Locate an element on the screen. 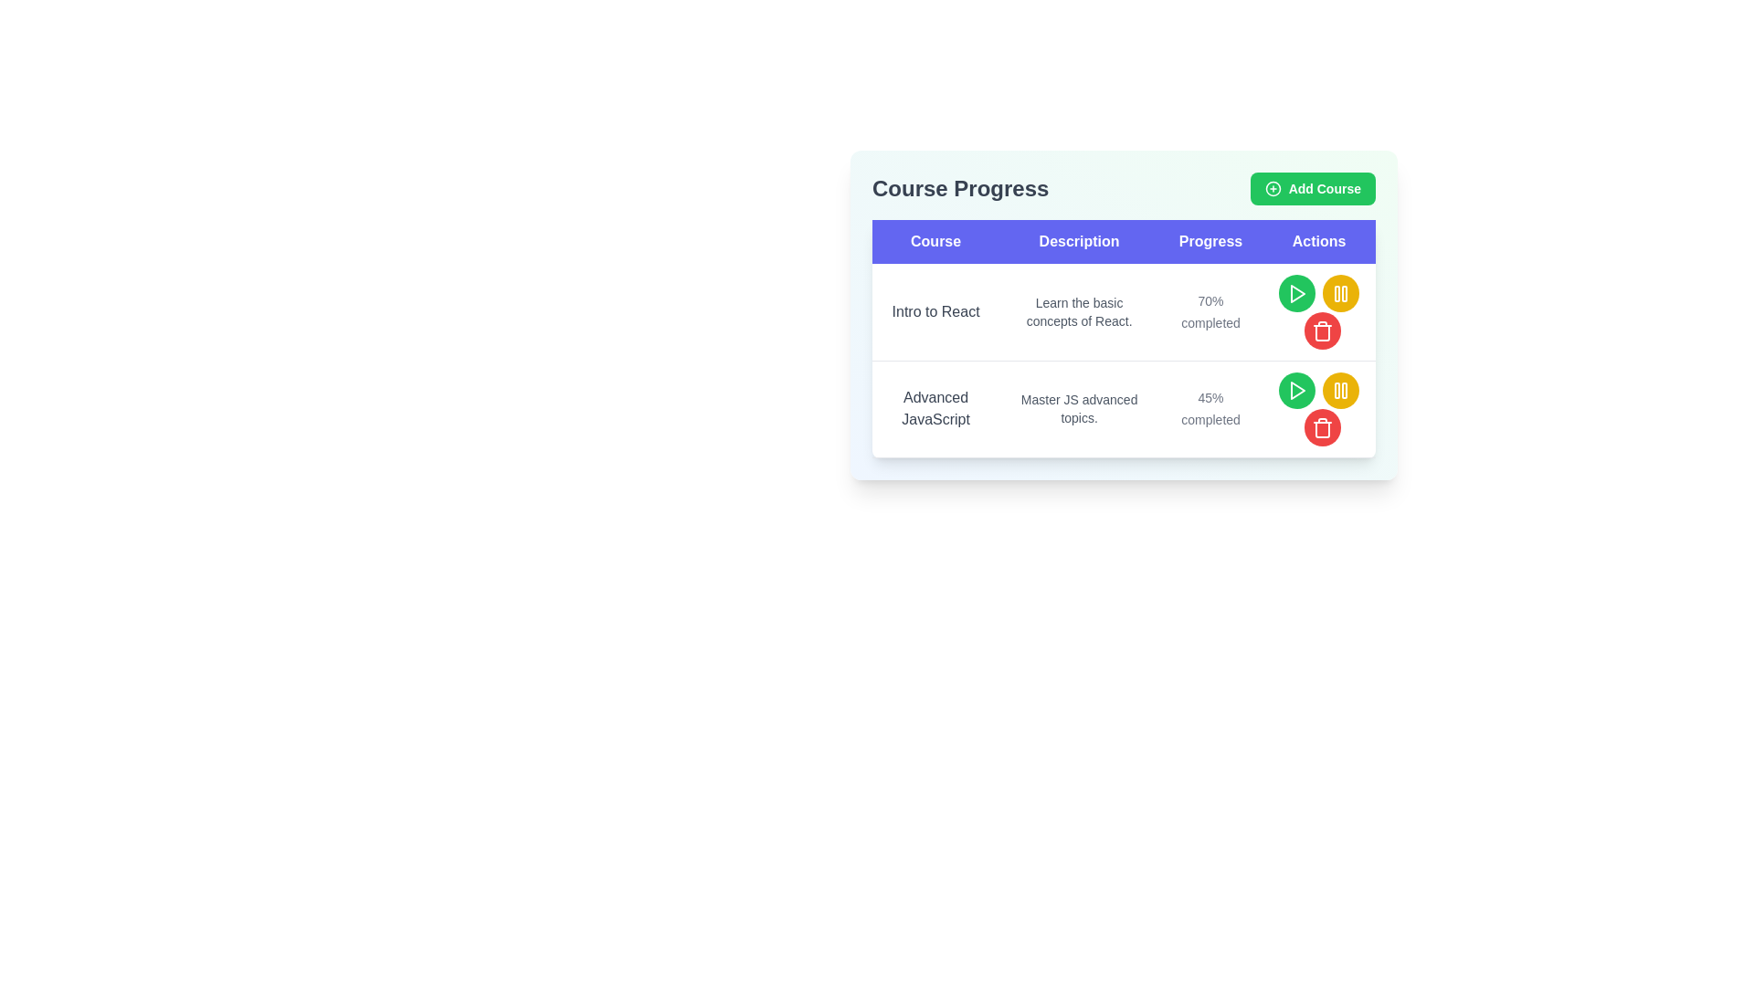  the green circular button with a play icon in the center, located in the 'Actions' column of the table for the course 'Intro to React' is located at coordinates (1296, 292).